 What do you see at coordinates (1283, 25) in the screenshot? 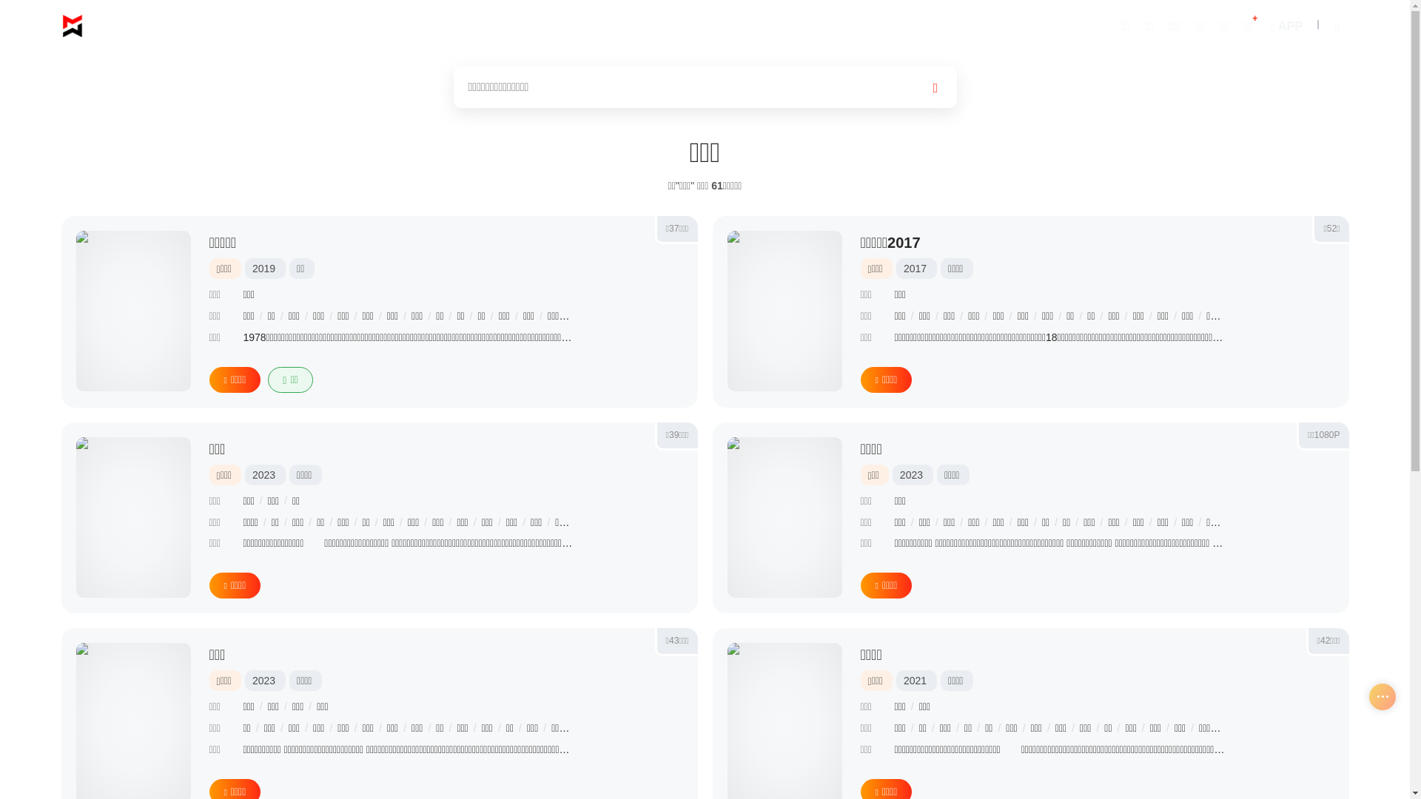
I see `'APP'` at bounding box center [1283, 25].